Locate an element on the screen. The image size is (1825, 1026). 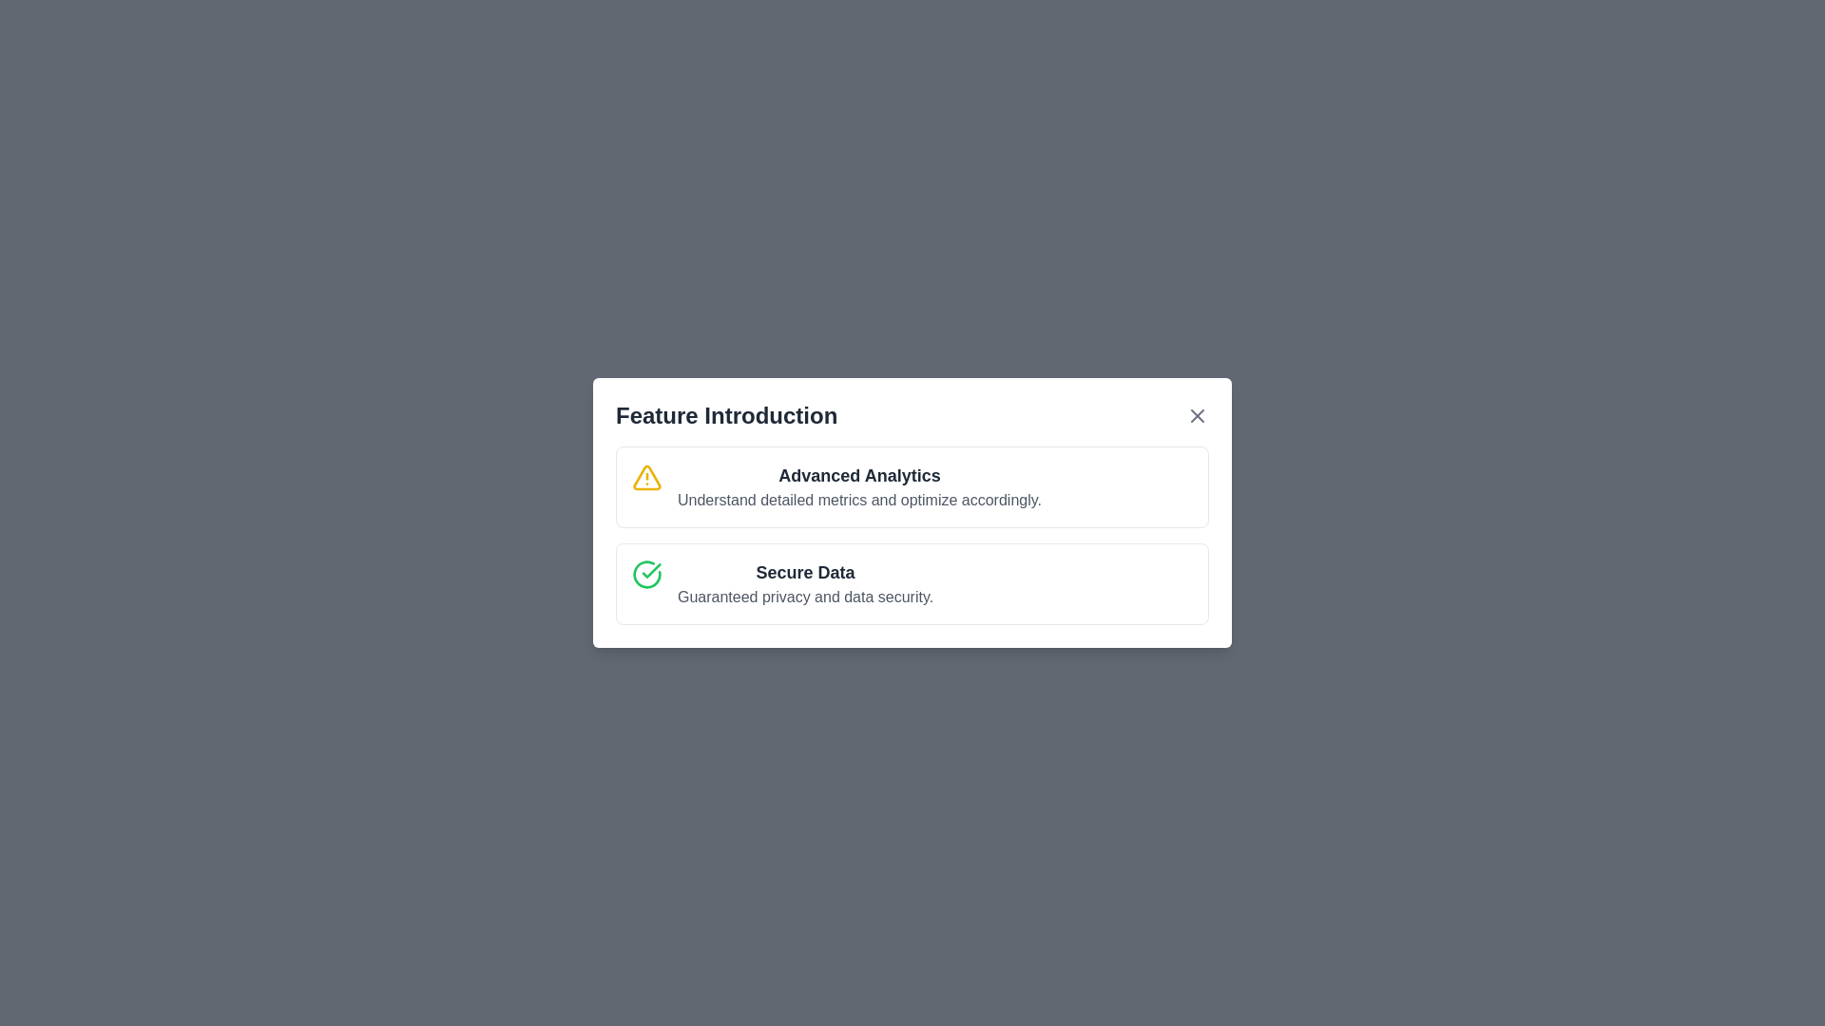
the close button located in the top-right corner of the header section containing the text 'Feature Introduction' is located at coordinates (1196, 415).